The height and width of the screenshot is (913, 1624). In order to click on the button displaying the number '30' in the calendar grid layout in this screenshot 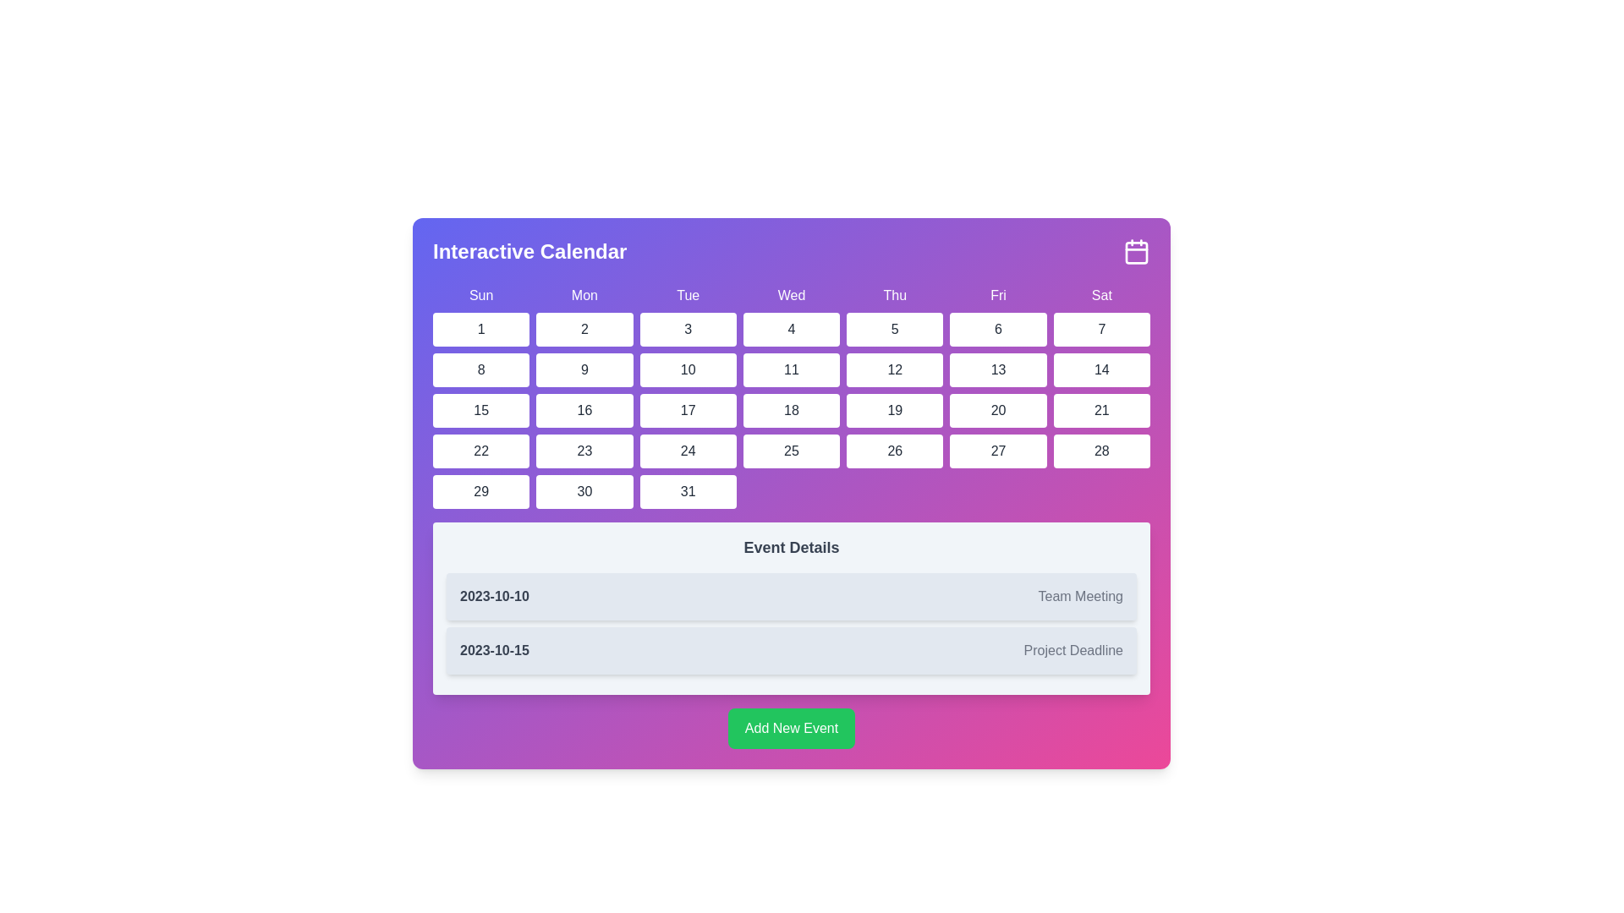, I will do `click(584, 492)`.